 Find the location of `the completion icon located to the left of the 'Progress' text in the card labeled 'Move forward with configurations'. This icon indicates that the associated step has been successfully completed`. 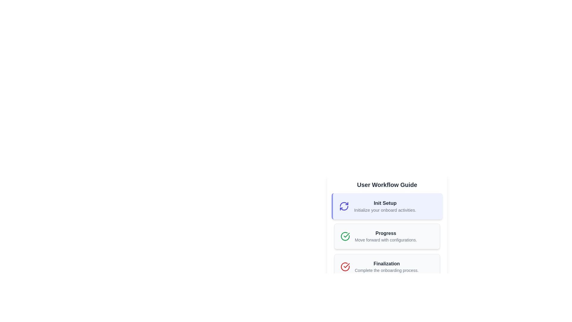

the completion icon located to the left of the 'Progress' text in the card labeled 'Move forward with configurations'. This icon indicates that the associated step has been successfully completed is located at coordinates (345, 236).